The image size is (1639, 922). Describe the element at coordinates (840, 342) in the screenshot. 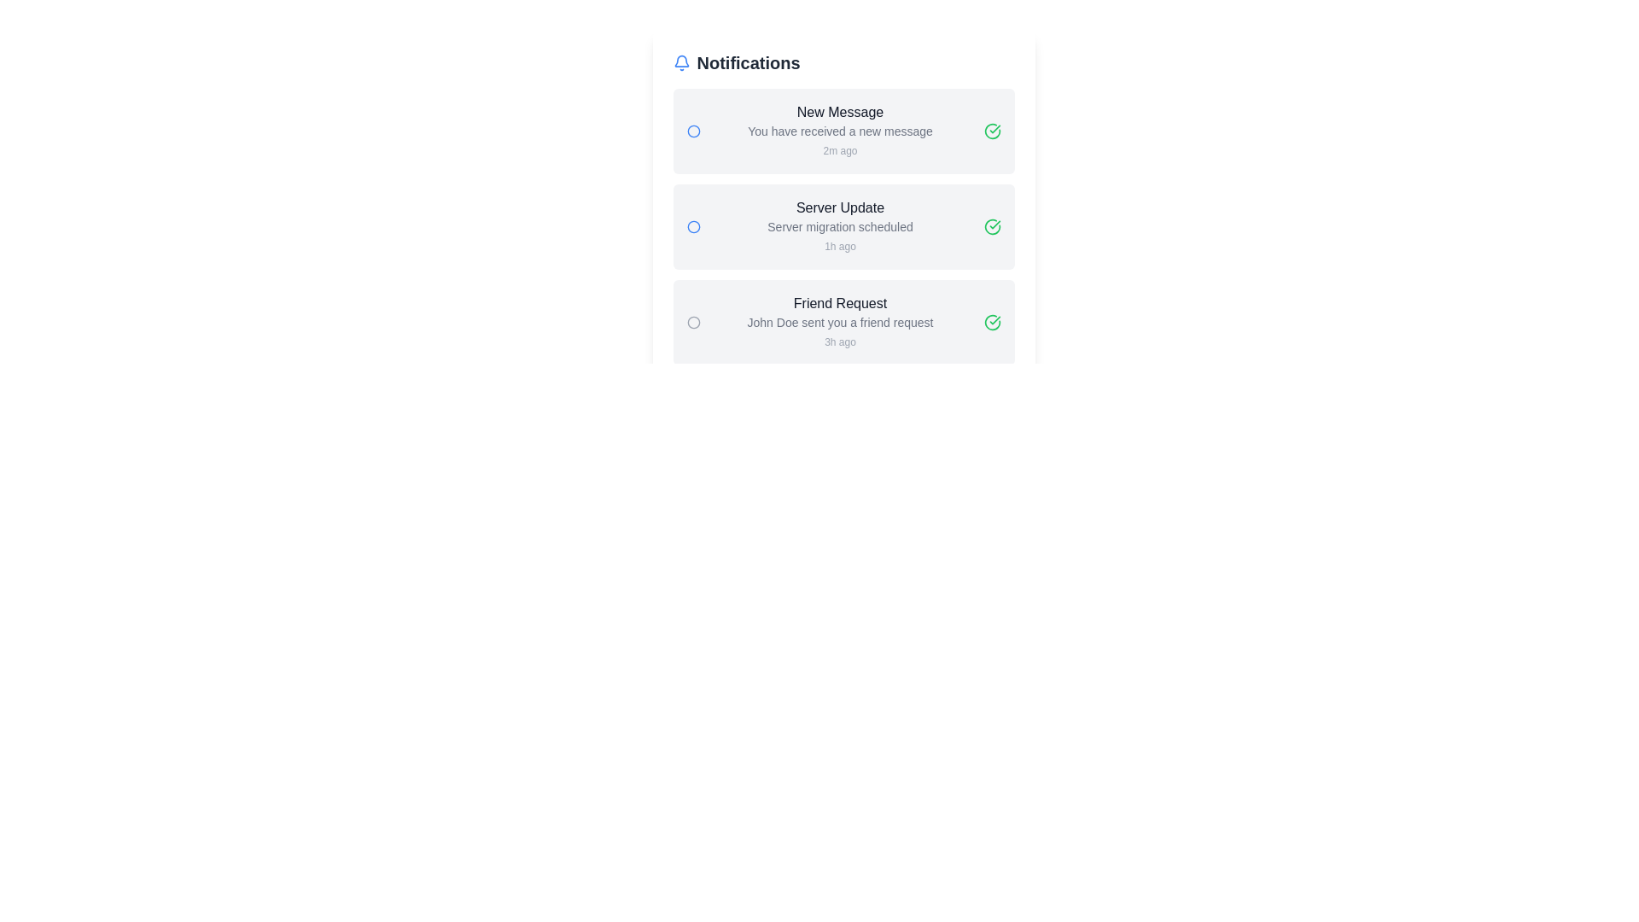

I see `text content of the small gray label displaying '3h ago', located beneath the main description of the 'Friend Request' notification` at that location.